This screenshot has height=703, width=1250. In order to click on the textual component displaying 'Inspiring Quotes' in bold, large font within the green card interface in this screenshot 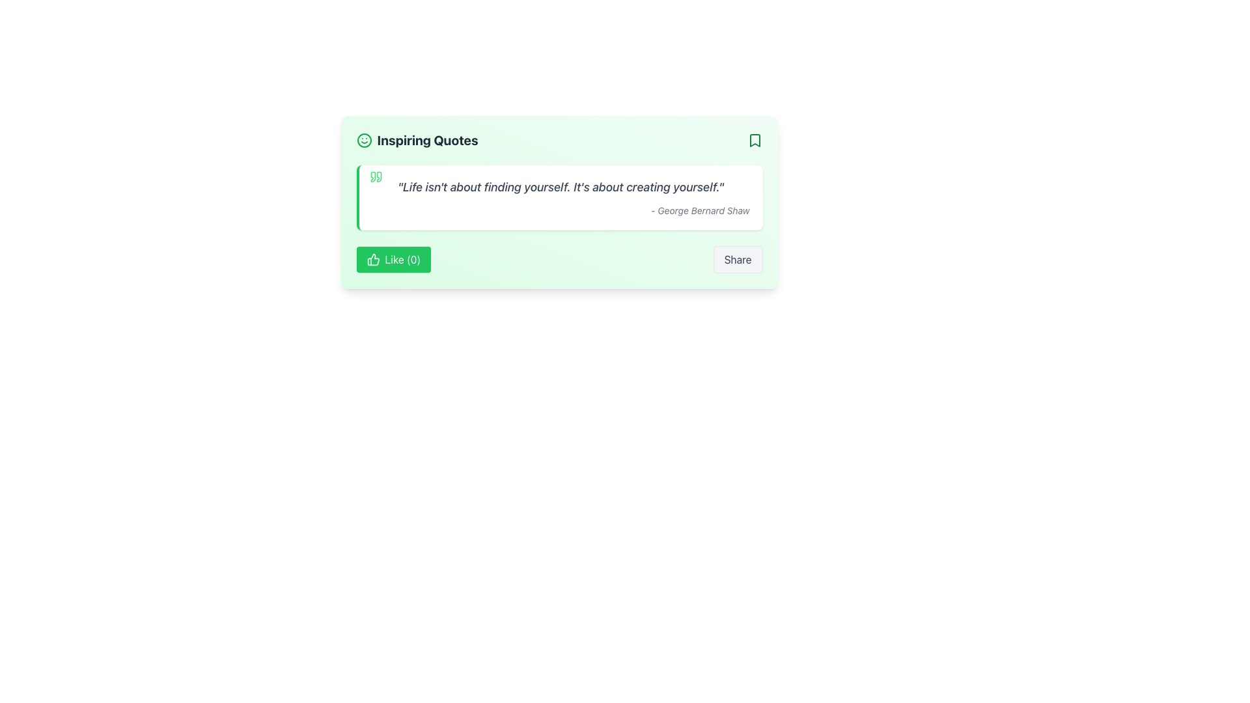, I will do `click(428, 141)`.